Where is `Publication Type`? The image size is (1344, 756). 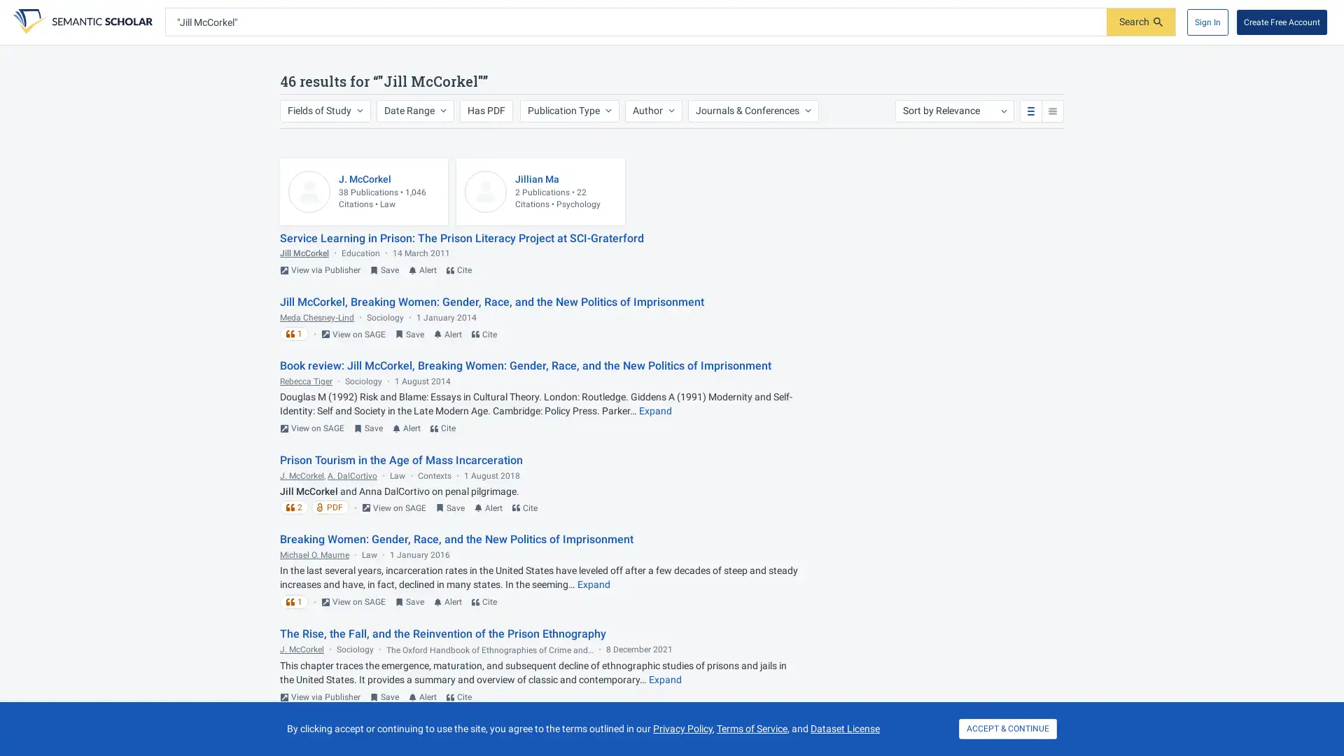
Publication Type is located at coordinates (568, 110).